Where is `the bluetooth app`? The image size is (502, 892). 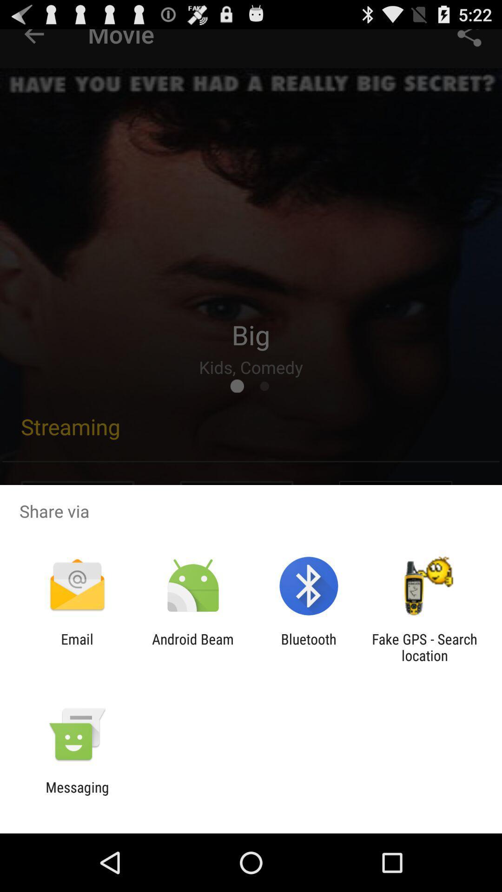
the bluetooth app is located at coordinates (309, 647).